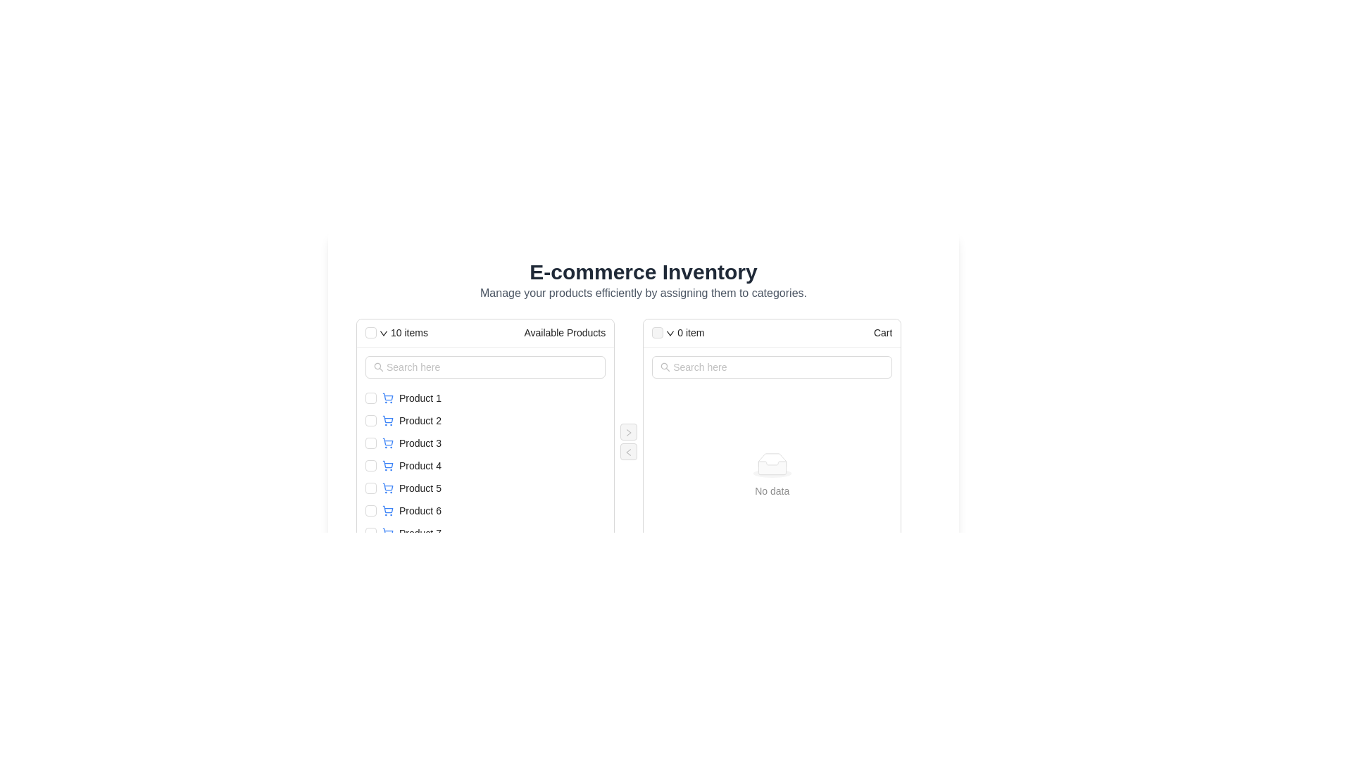  Describe the element at coordinates (388, 442) in the screenshot. I see `the shopping cart icon associated with 'Product 3' for accessibility purposes` at that location.